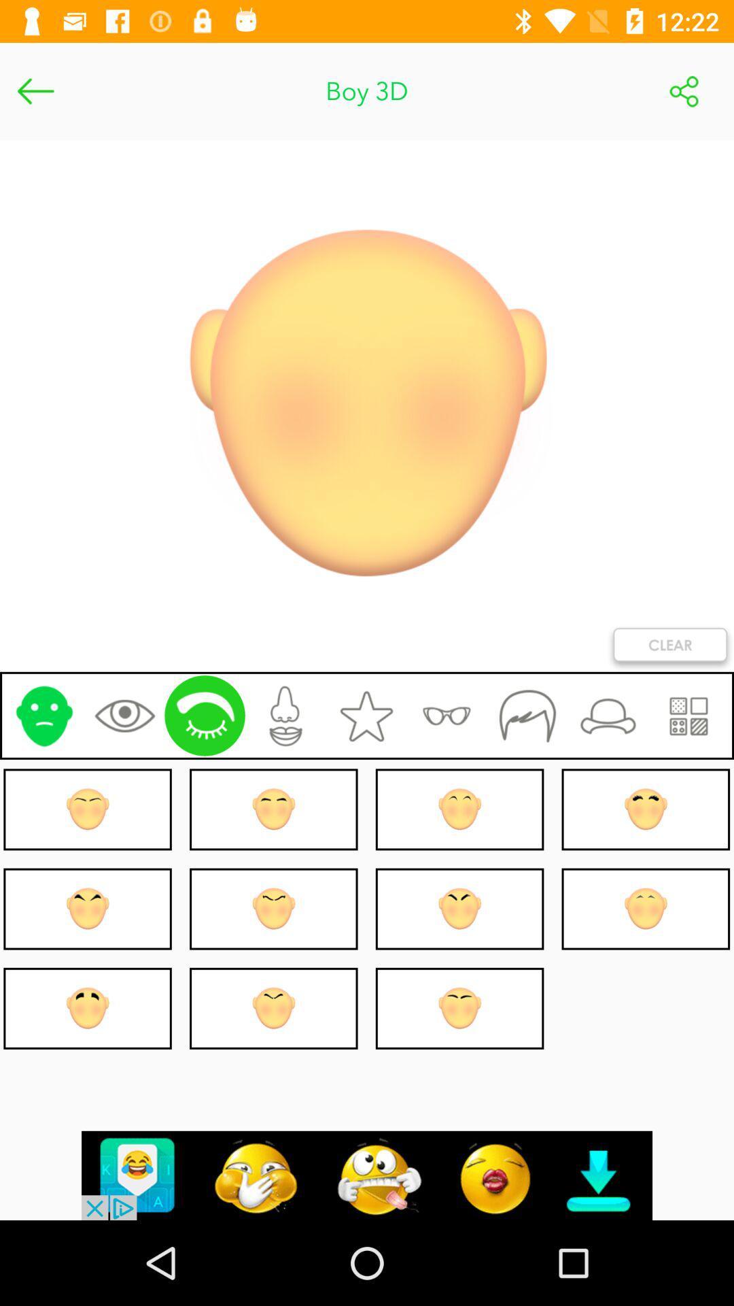 Image resolution: width=734 pixels, height=1306 pixels. I want to click on advertisement page, so click(367, 1175).